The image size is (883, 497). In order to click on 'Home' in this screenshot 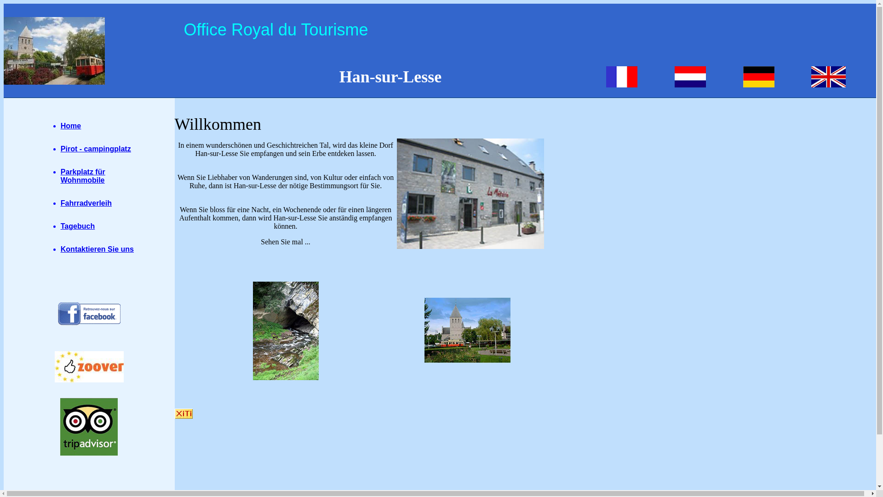, I will do `click(70, 126)`.